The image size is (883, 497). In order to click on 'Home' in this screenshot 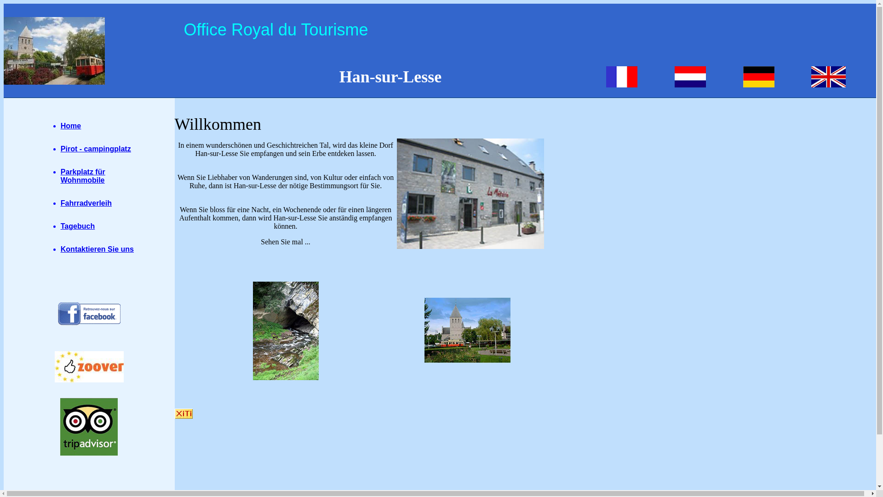, I will do `click(70, 126)`.